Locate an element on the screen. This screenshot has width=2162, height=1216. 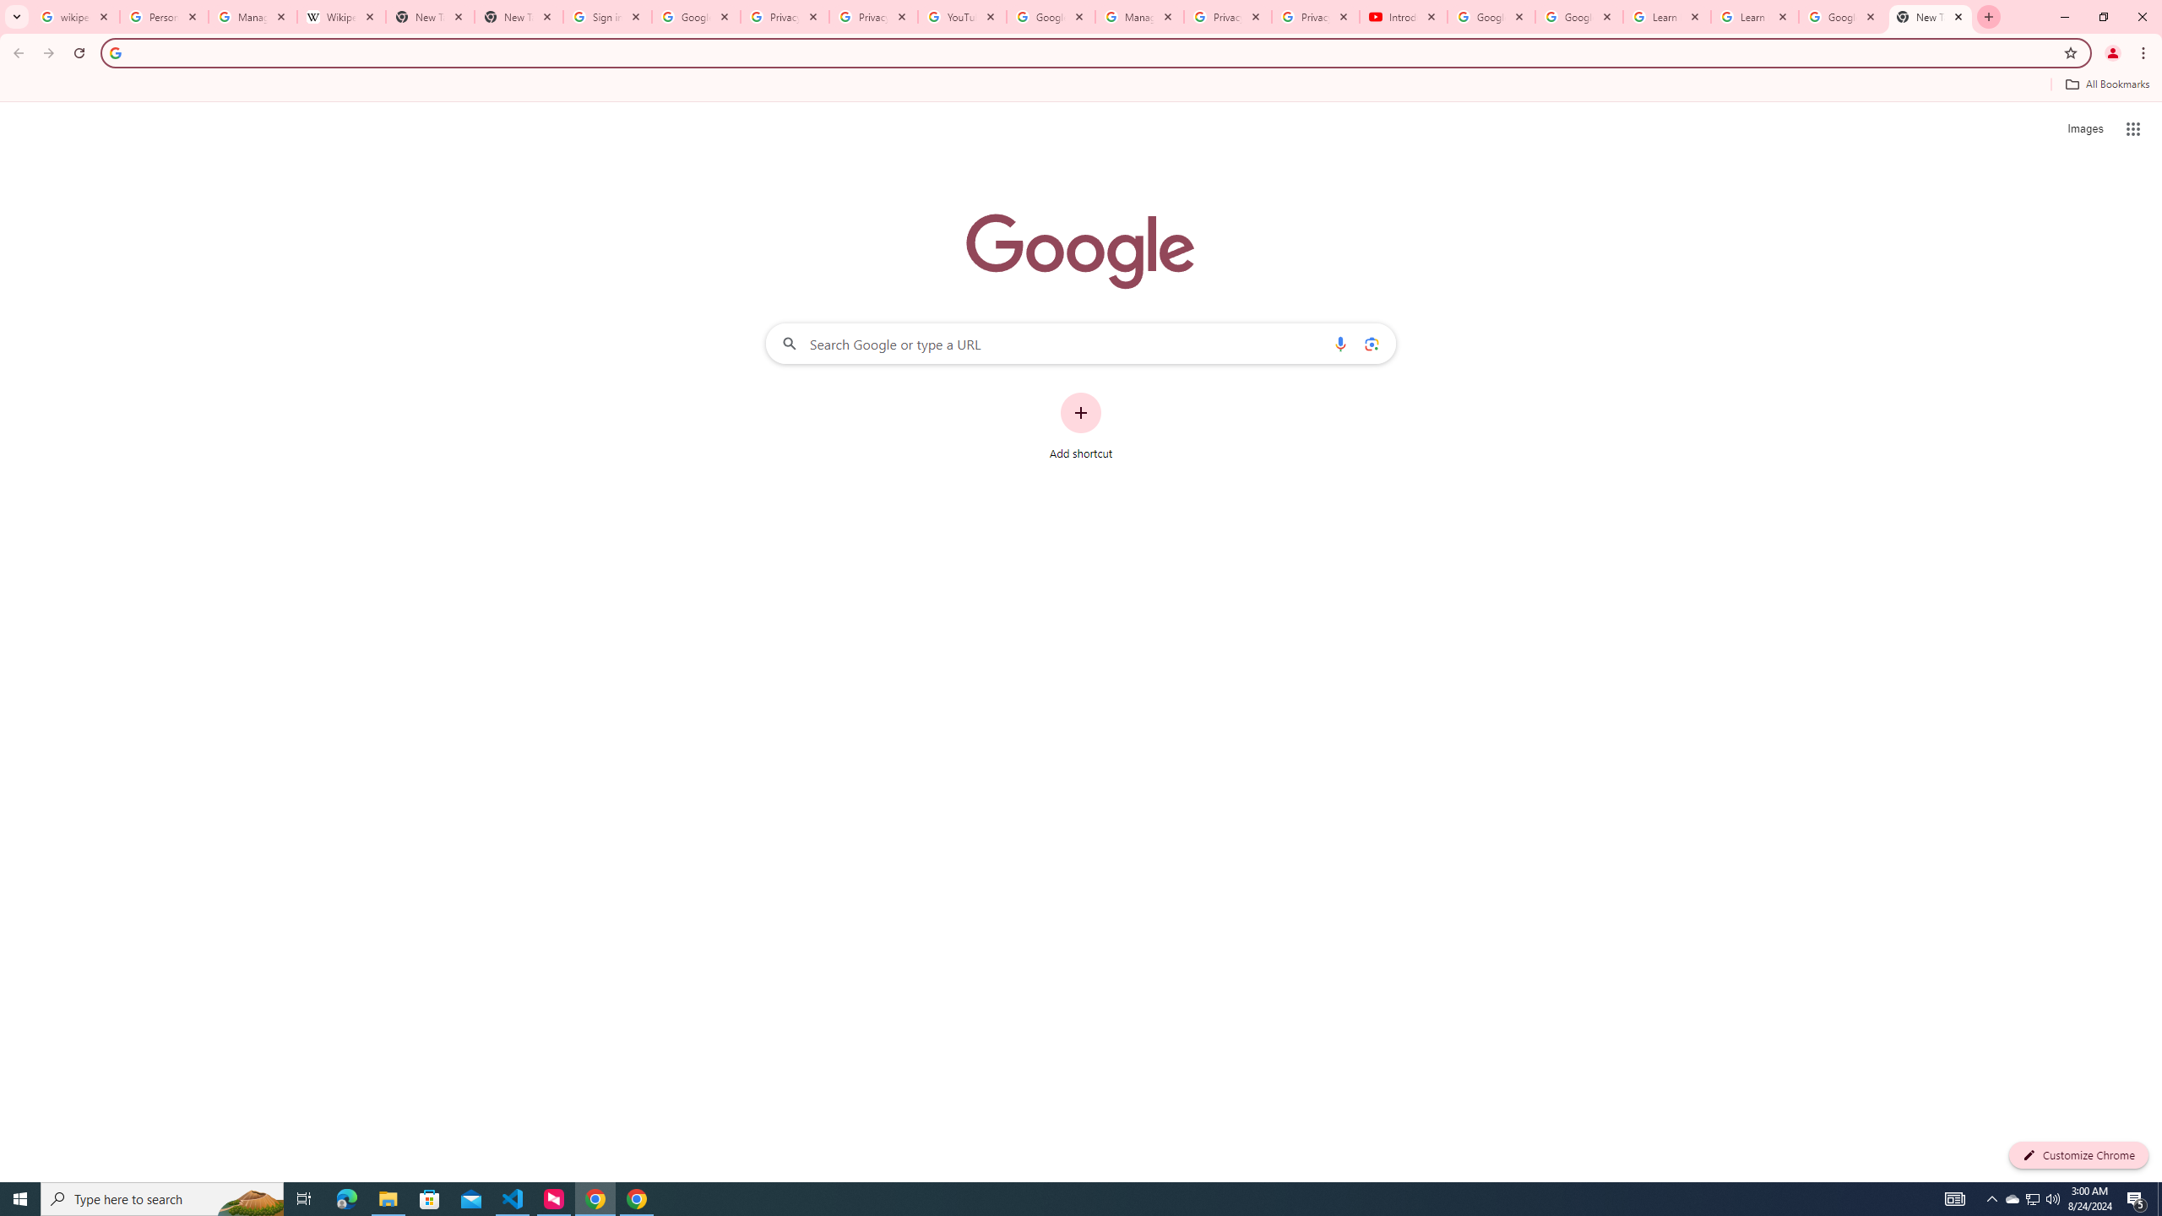
'Sign in - Google Accounts' is located at coordinates (606, 16).